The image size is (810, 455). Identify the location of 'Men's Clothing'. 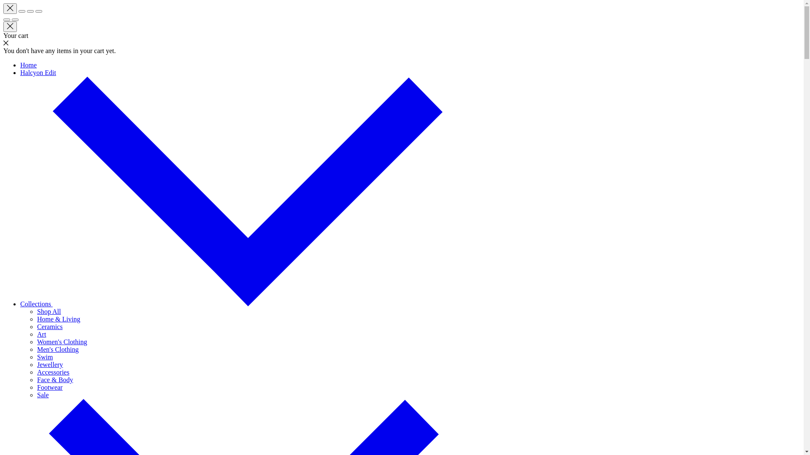
(57, 349).